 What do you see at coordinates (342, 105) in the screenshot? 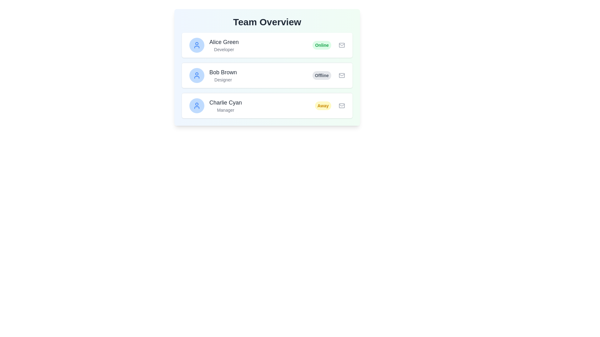
I see `the decorative graphic within the mail icon, which is a rectangular graphic with rounded corners located adjacent to the 'Away' status label for 'Charlie Cyan' in the Team Overview section` at bounding box center [342, 105].